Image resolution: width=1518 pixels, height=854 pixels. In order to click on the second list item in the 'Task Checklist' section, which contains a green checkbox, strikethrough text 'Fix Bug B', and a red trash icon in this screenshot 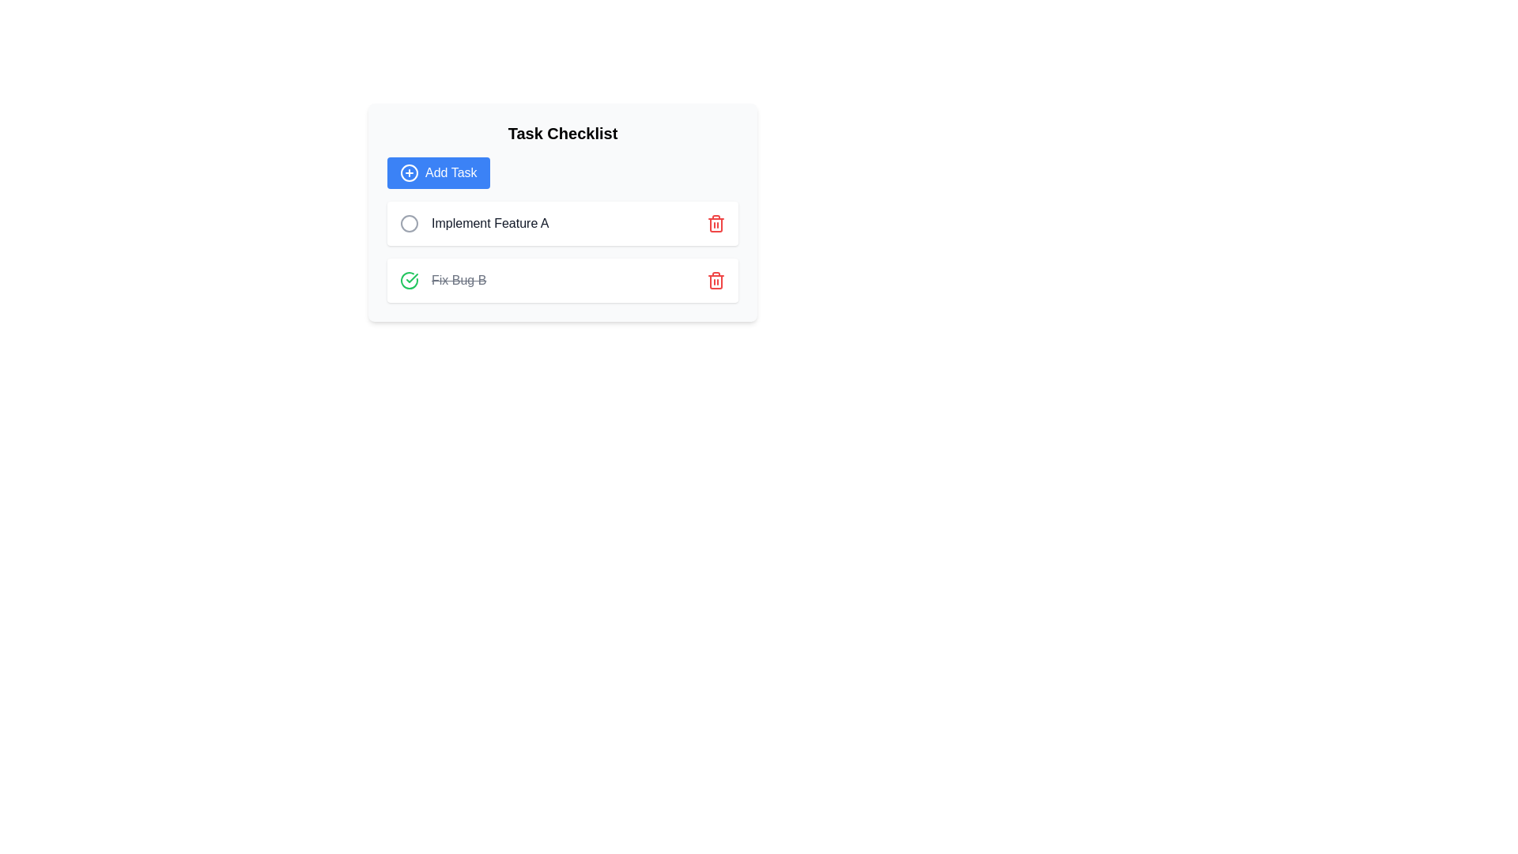, I will do `click(562, 279)`.